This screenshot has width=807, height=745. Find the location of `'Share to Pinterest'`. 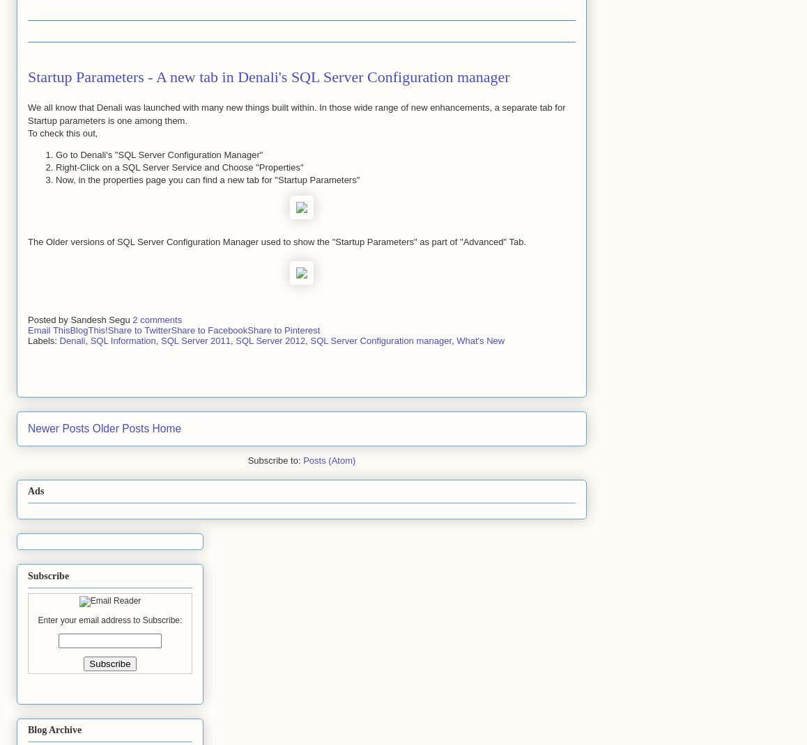

'Share to Pinterest' is located at coordinates (284, 330).